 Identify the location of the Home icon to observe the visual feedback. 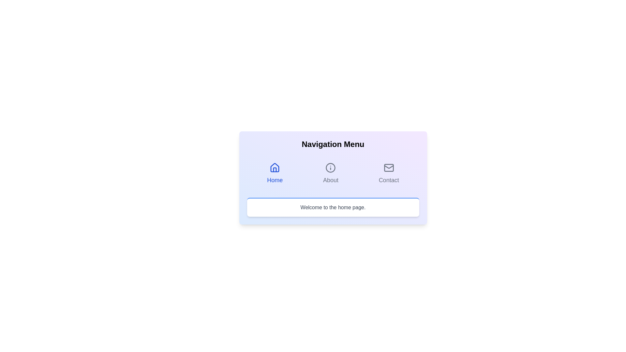
(275, 168).